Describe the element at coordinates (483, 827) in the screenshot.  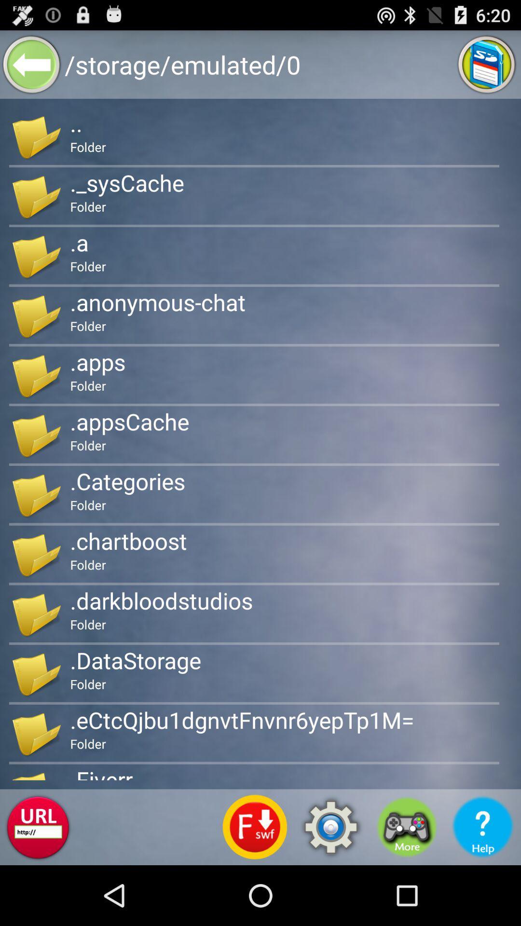
I see `open help` at that location.